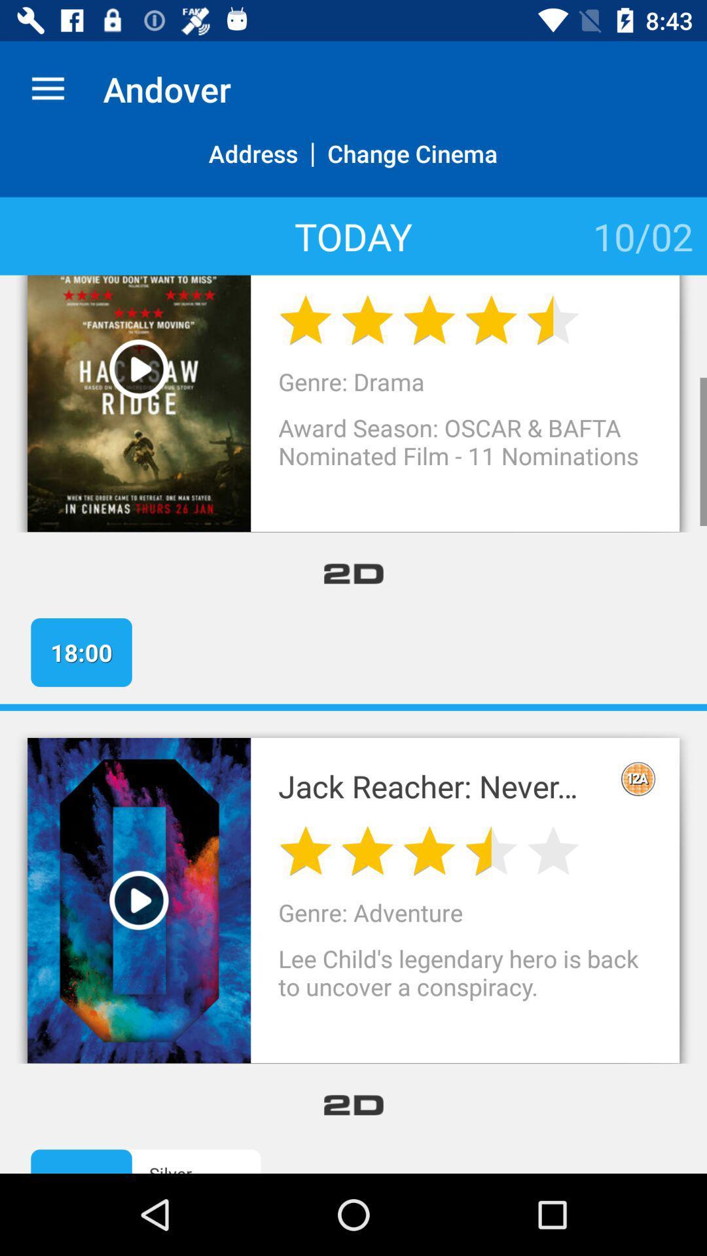 The width and height of the screenshot is (707, 1256). What do you see at coordinates (464, 986) in the screenshot?
I see `lee child s` at bounding box center [464, 986].